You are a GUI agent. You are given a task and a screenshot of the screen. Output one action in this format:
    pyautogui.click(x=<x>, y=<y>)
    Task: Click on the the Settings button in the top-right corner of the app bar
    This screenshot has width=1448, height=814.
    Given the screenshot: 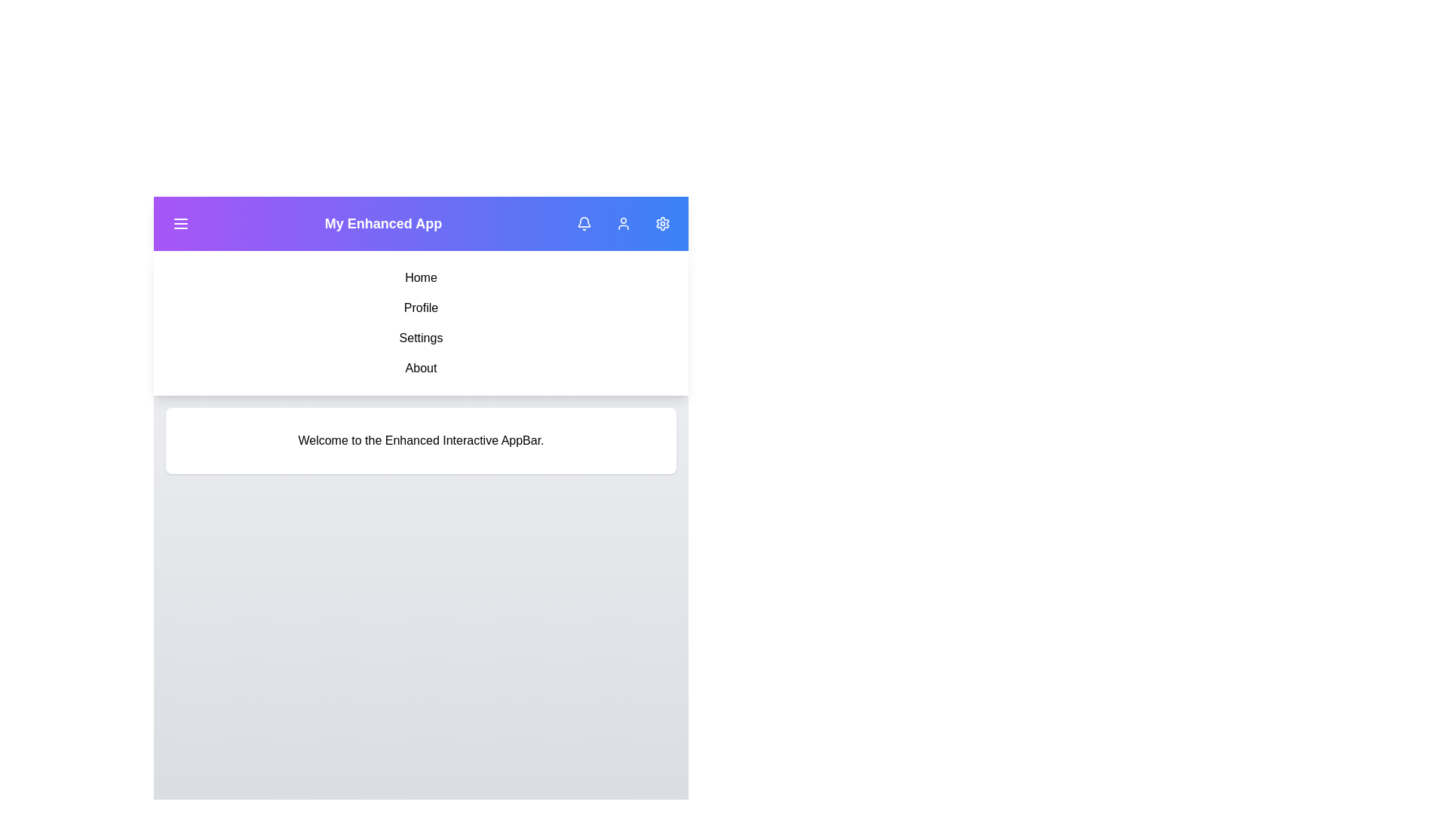 What is the action you would take?
    pyautogui.click(x=662, y=224)
    